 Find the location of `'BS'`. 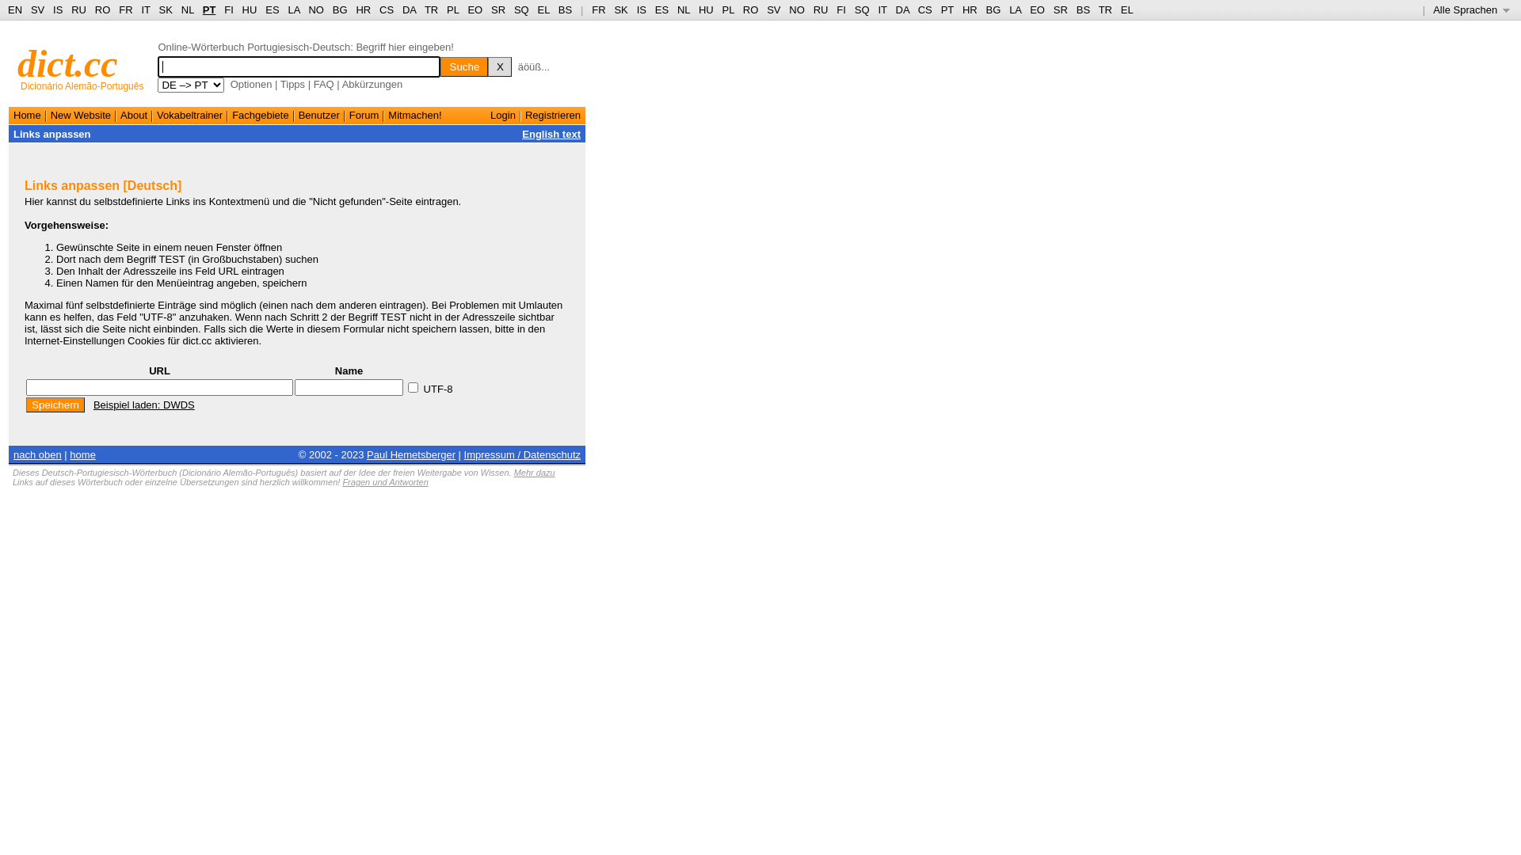

'BS' is located at coordinates (1082, 9).